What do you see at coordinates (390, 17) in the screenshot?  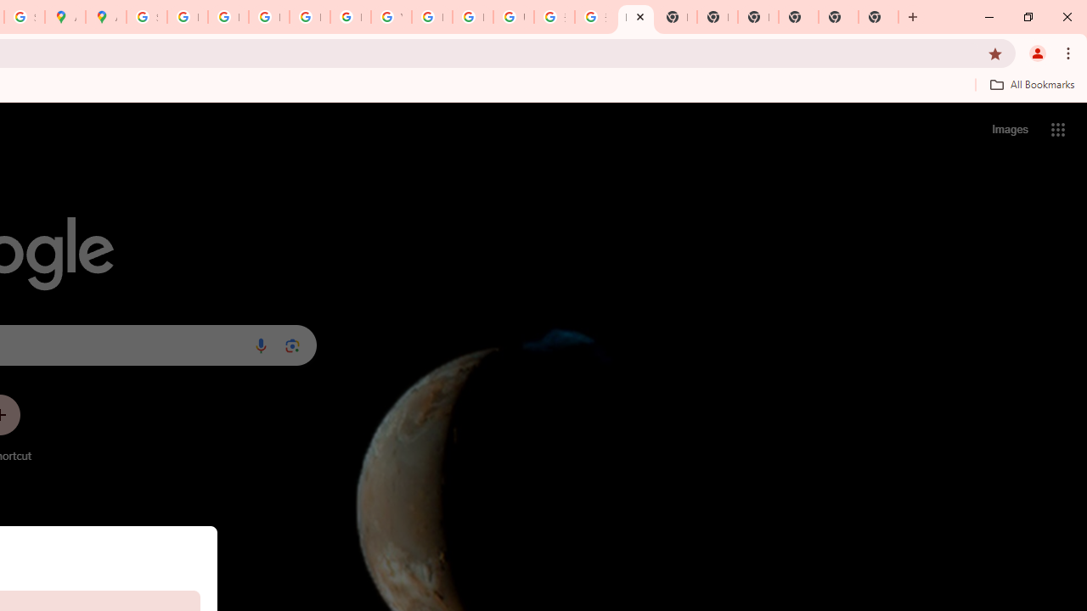 I see `'YouTube'` at bounding box center [390, 17].